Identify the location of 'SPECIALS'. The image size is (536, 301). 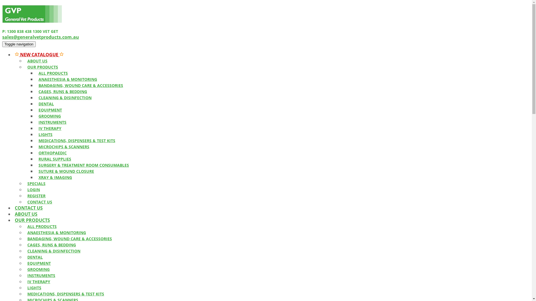
(24, 183).